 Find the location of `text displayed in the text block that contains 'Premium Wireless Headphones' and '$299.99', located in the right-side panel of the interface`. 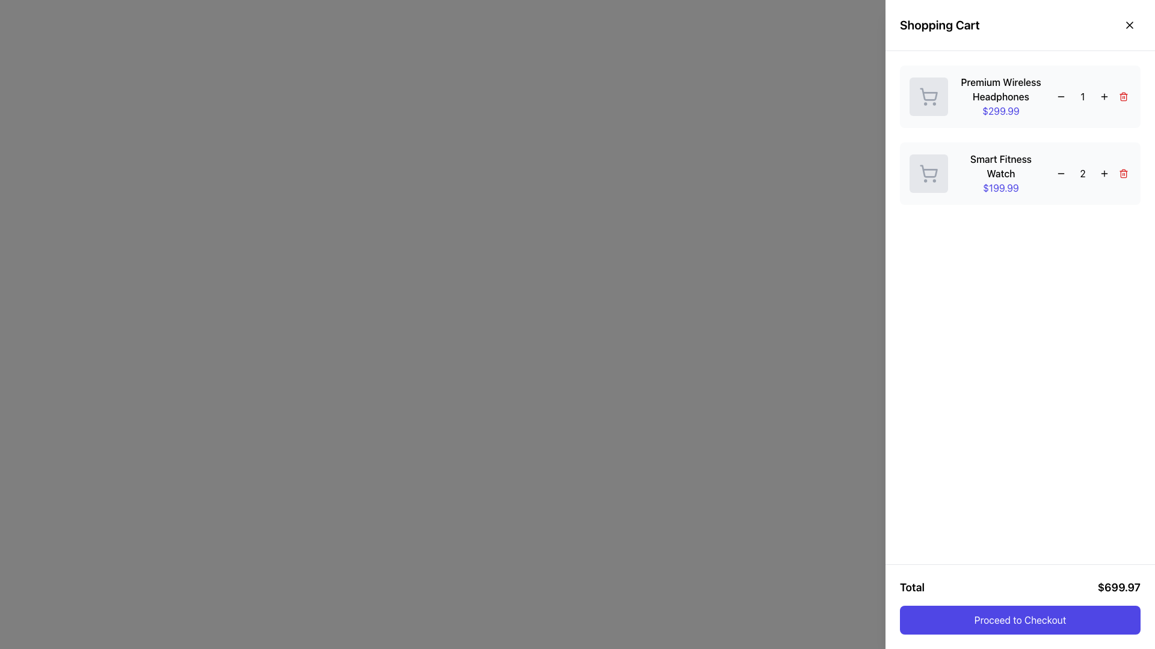

text displayed in the text block that contains 'Premium Wireless Headphones' and '$299.99', located in the right-side panel of the interface is located at coordinates (1001, 96).